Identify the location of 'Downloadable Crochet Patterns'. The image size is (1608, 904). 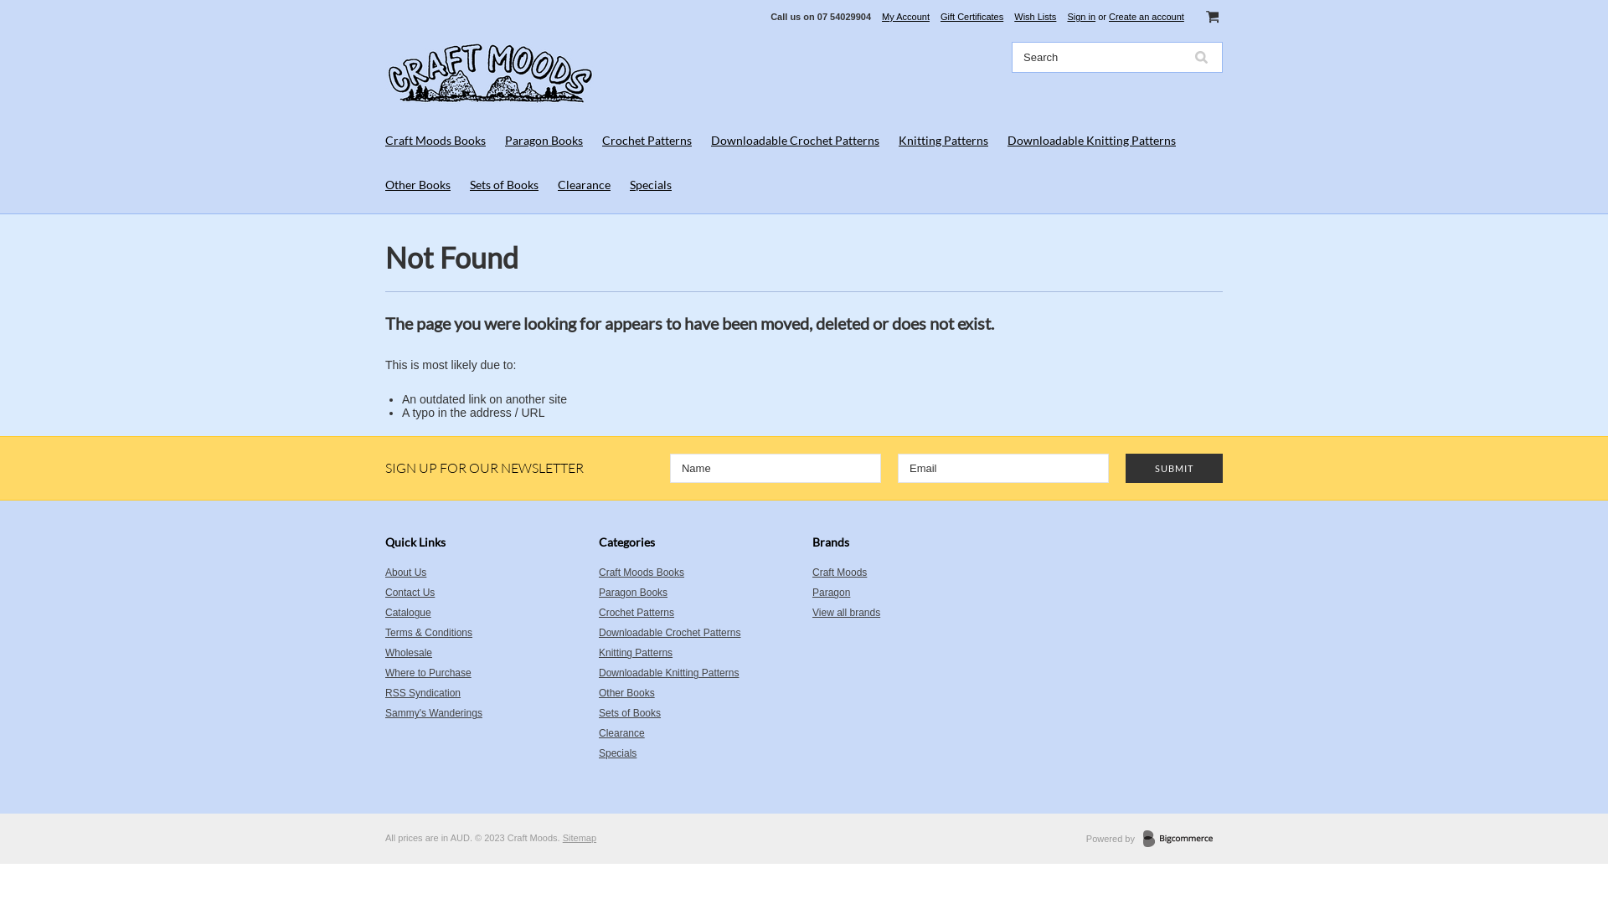
(697, 633).